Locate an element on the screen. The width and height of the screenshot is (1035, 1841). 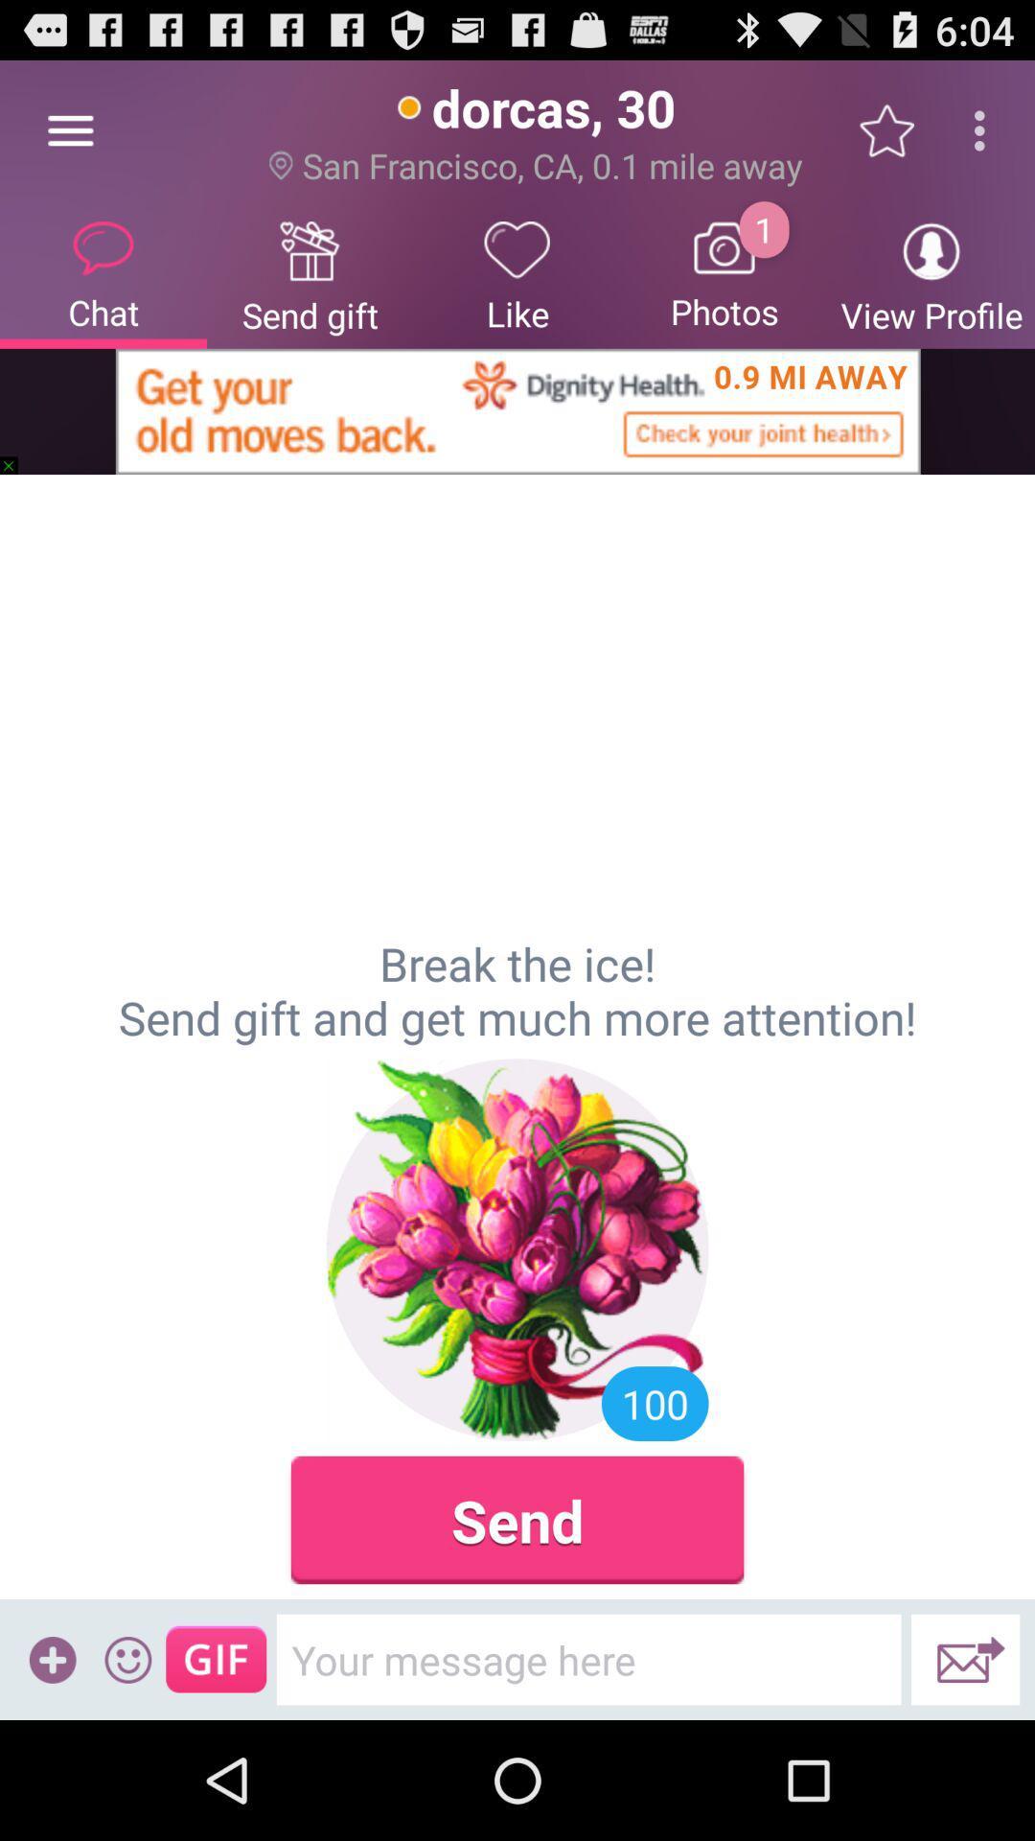
item next to send gift icon is located at coordinates (69, 129).